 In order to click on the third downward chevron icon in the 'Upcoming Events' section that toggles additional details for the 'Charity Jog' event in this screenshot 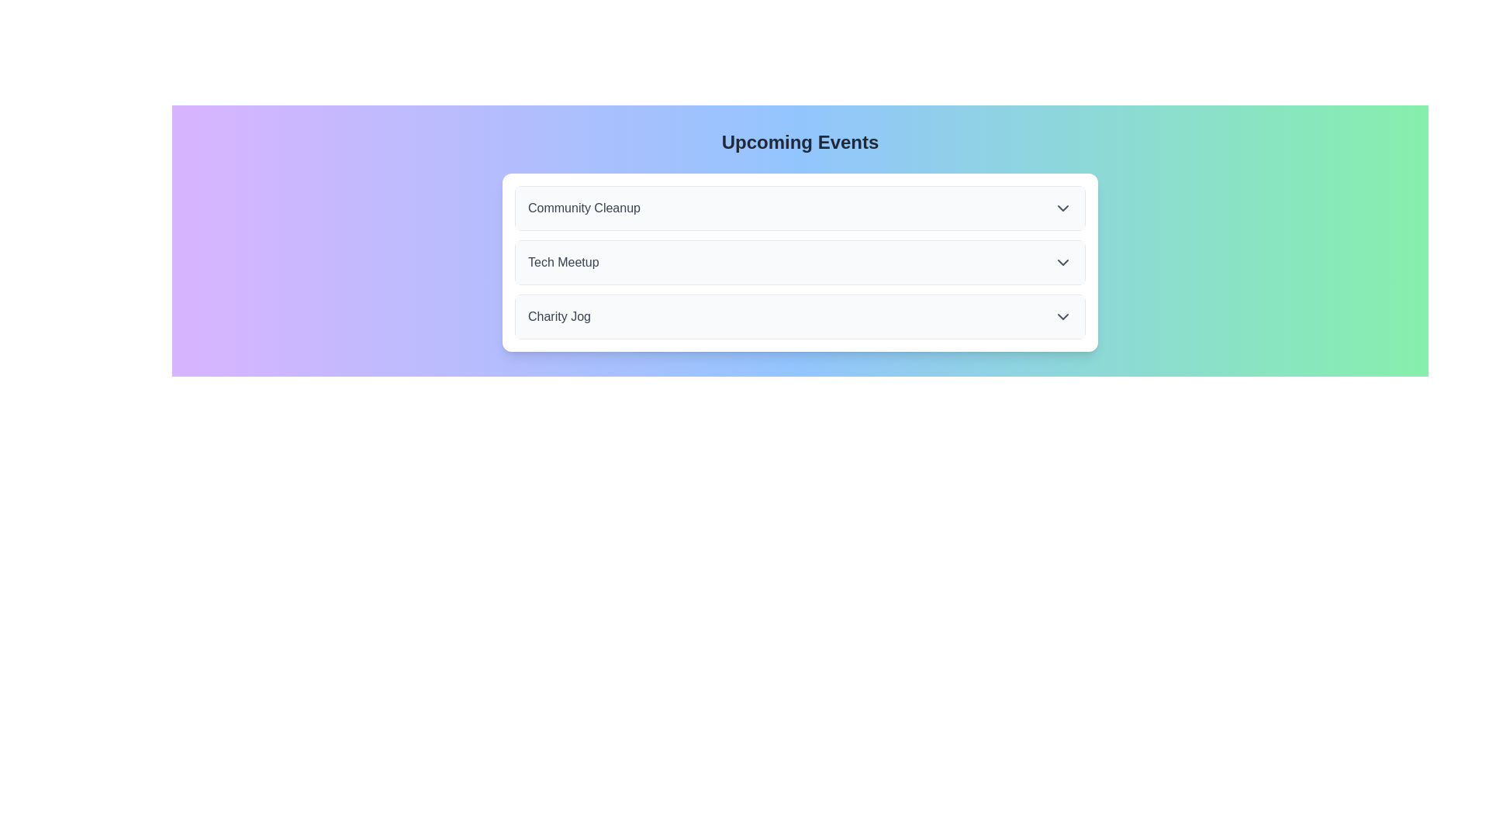, I will do `click(1062, 315)`.